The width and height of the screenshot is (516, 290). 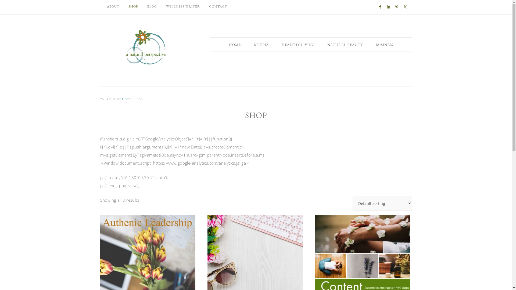 I want to click on 'SHOP', so click(x=133, y=6).